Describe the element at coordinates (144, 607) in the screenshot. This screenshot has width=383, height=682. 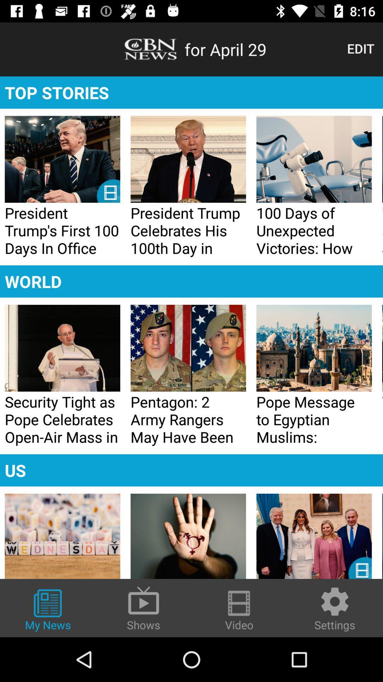
I see `the item next to the my news icon` at that location.